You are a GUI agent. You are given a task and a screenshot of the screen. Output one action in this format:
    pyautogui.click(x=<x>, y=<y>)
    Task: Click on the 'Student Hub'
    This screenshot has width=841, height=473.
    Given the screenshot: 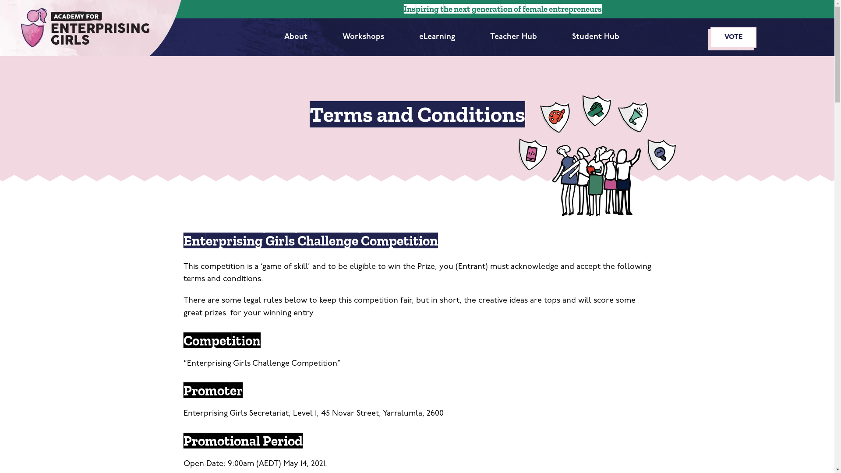 What is the action you would take?
    pyautogui.click(x=595, y=37)
    